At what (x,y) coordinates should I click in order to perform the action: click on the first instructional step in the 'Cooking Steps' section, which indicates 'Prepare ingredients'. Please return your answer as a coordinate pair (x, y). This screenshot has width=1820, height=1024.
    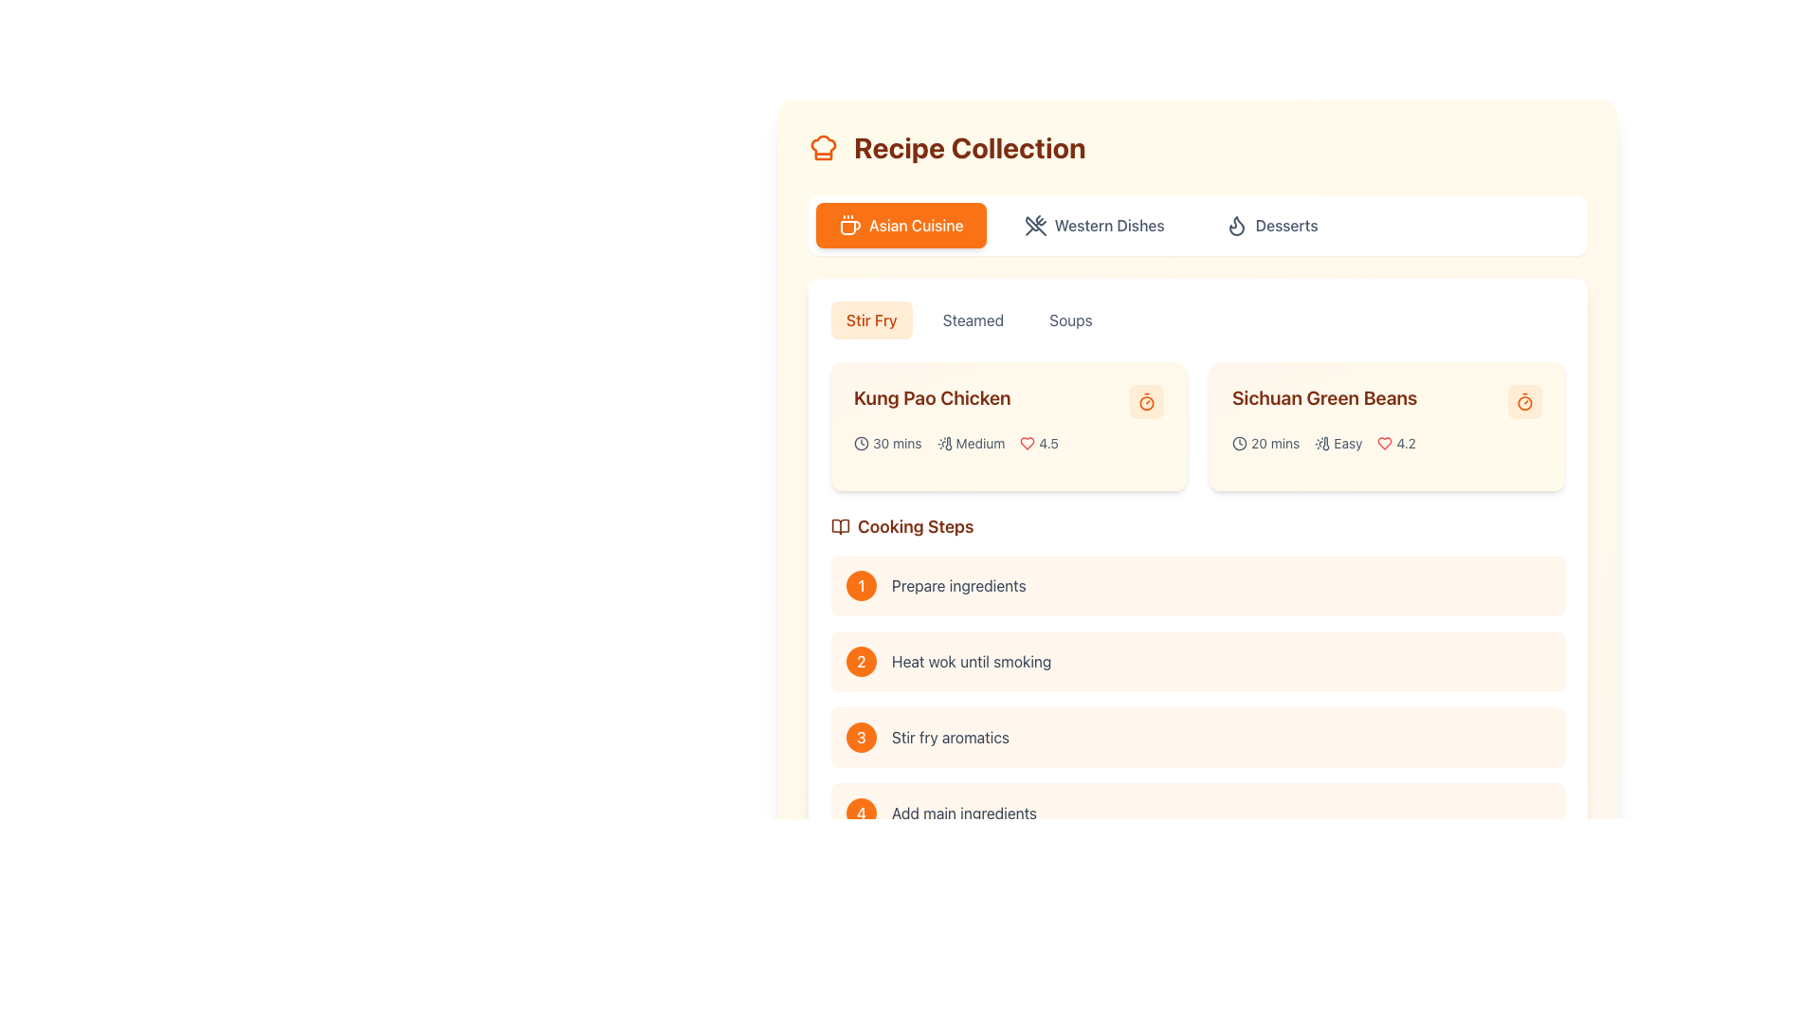
    Looking at the image, I should click on (1196, 584).